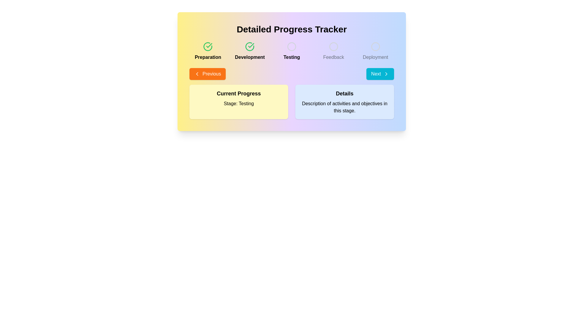 The image size is (571, 321). Describe the element at coordinates (291, 51) in the screenshot. I see `the current stage indicator of 'Testing' in the multi-step progress tracker, which is visually represented by a gray circle on a gradient background, located beneath the title 'Detailed Progress Tracker'` at that location.